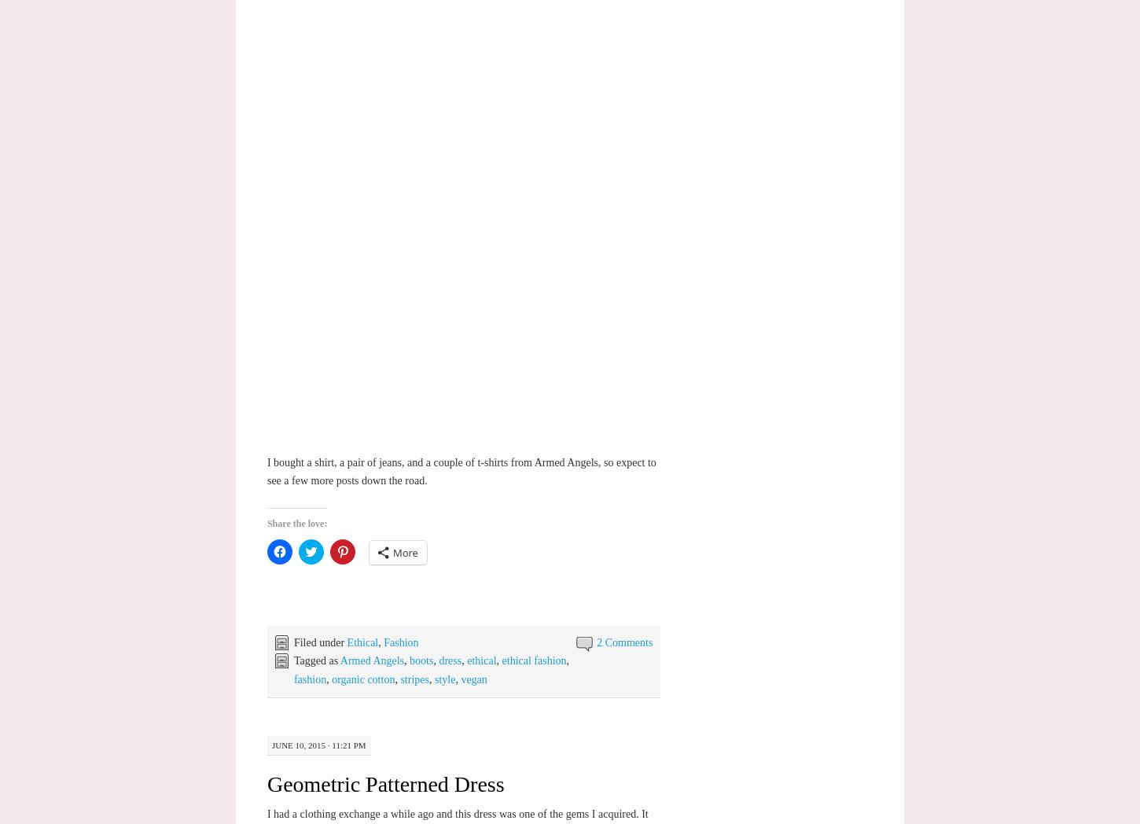 This screenshot has width=1140, height=824. What do you see at coordinates (319, 641) in the screenshot?
I see `'Filed under'` at bounding box center [319, 641].